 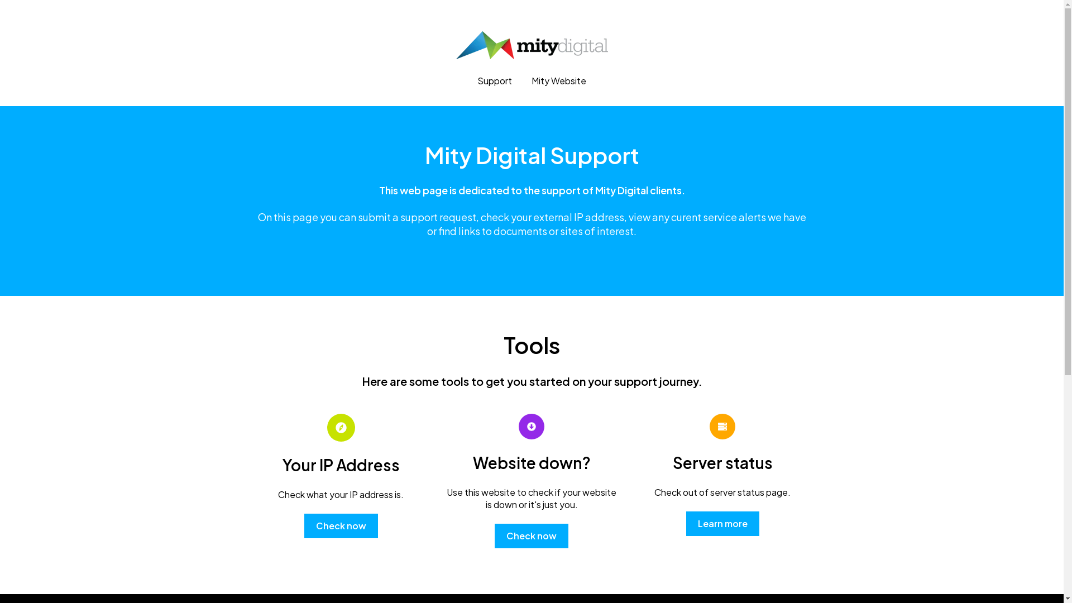 What do you see at coordinates (494, 80) in the screenshot?
I see `'Support'` at bounding box center [494, 80].